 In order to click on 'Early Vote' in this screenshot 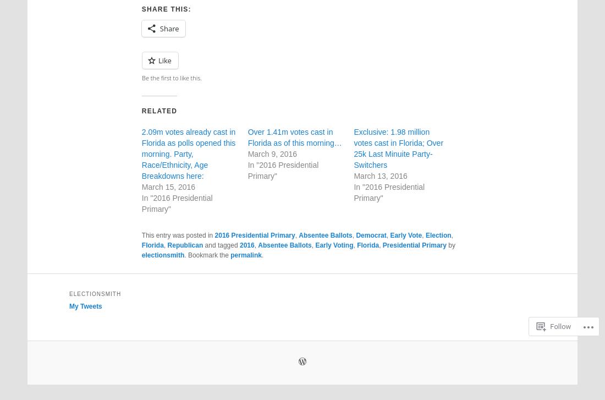, I will do `click(389, 234)`.